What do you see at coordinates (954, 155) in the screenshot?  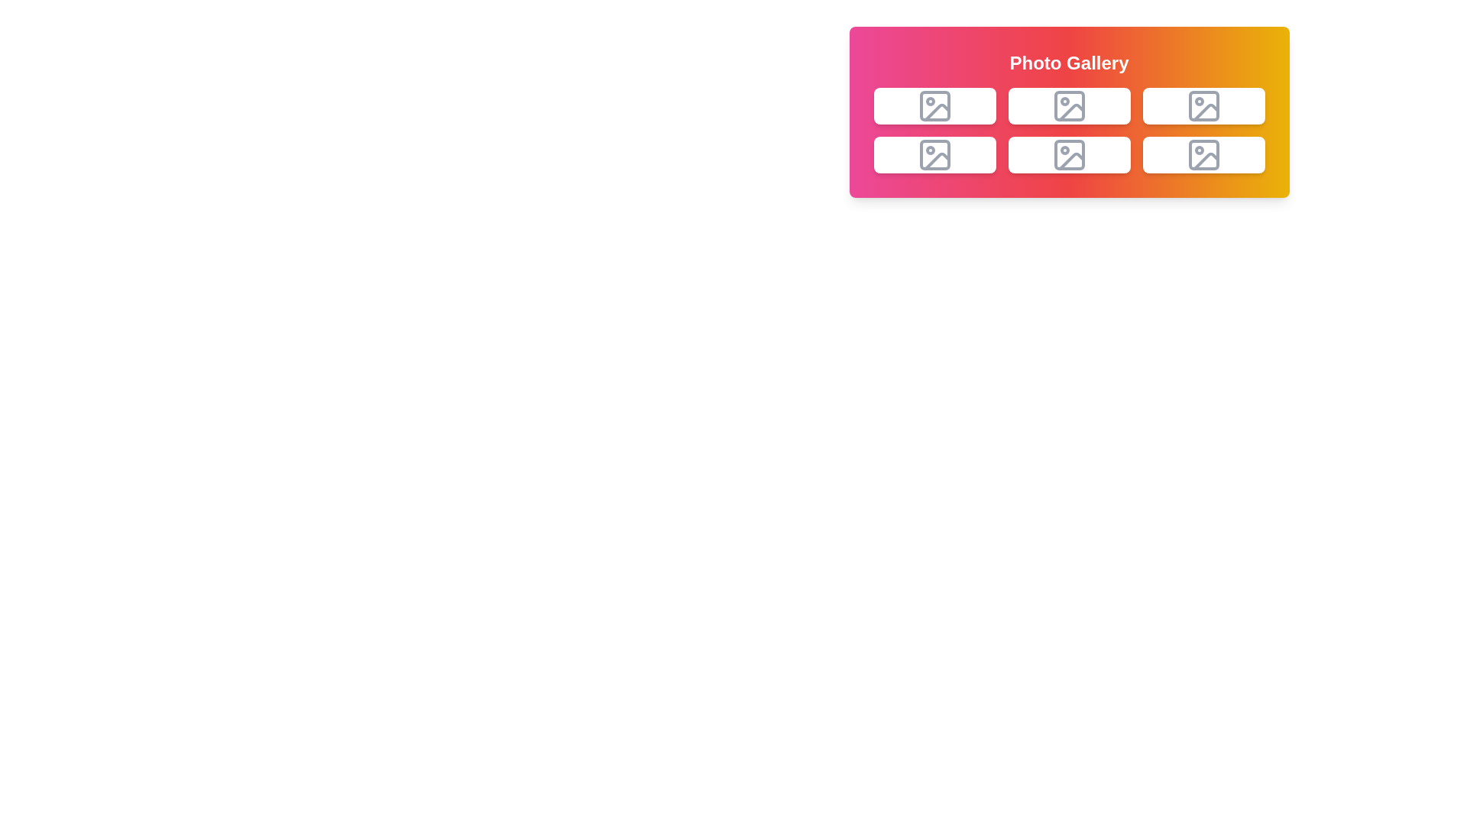 I see `the white circular favorite button located in the bottom-left position of the middle grid cell of the second row in the photo gallery interface` at bounding box center [954, 155].